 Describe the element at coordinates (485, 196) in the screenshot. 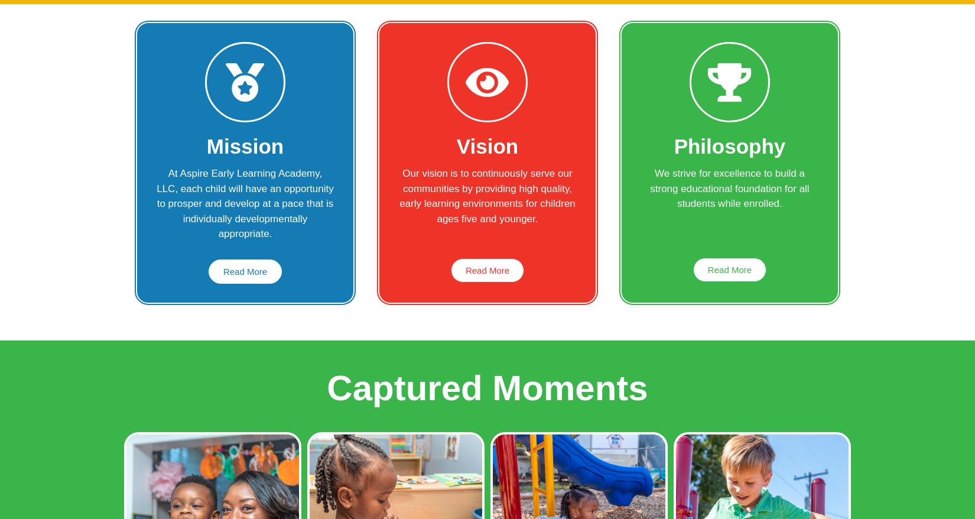

I see `'communities by providing high quality, early'` at that location.